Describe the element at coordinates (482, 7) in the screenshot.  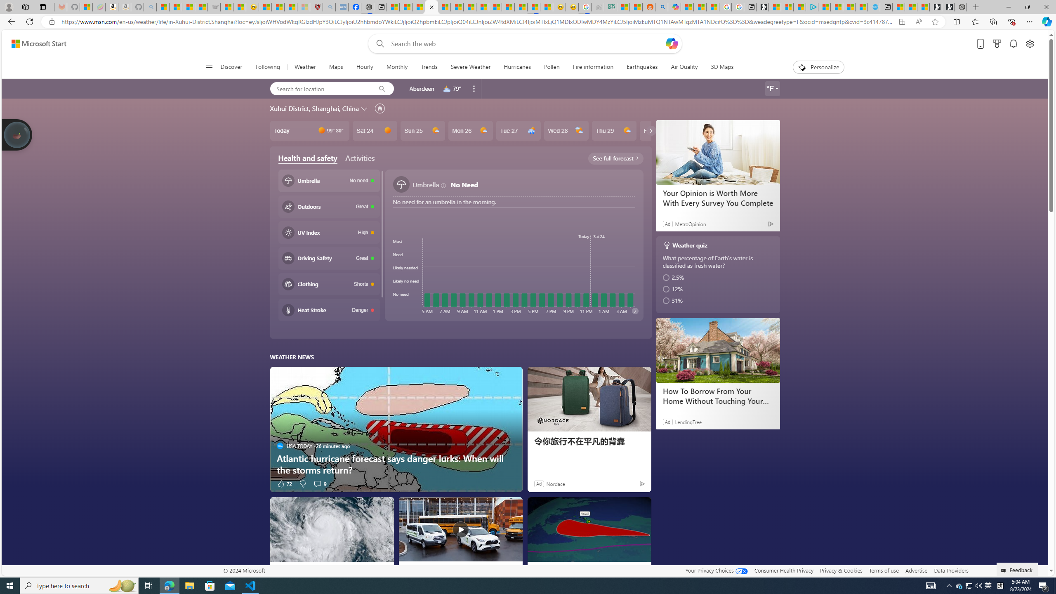
I see `'14 Common Myths Debunked By Scientific Facts'` at that location.